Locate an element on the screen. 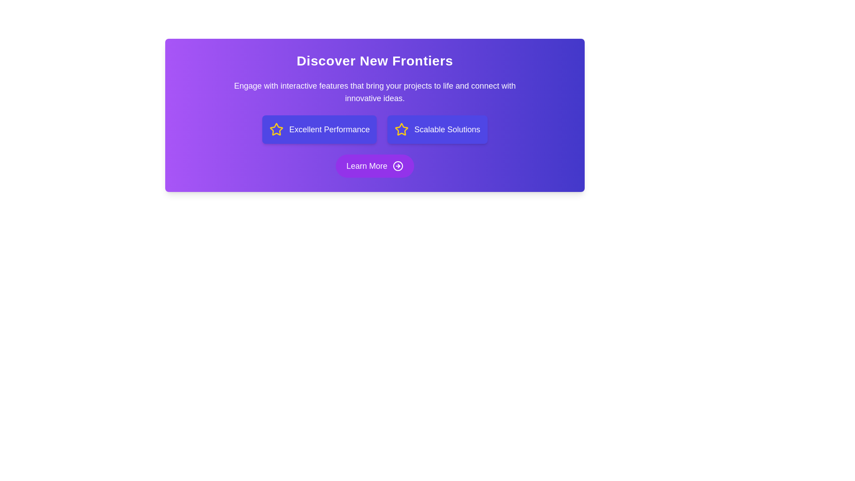  the central circular part of the right-facing arrow icon associated with the 'Learn More' text in the lower section of the header card is located at coordinates (397, 166).